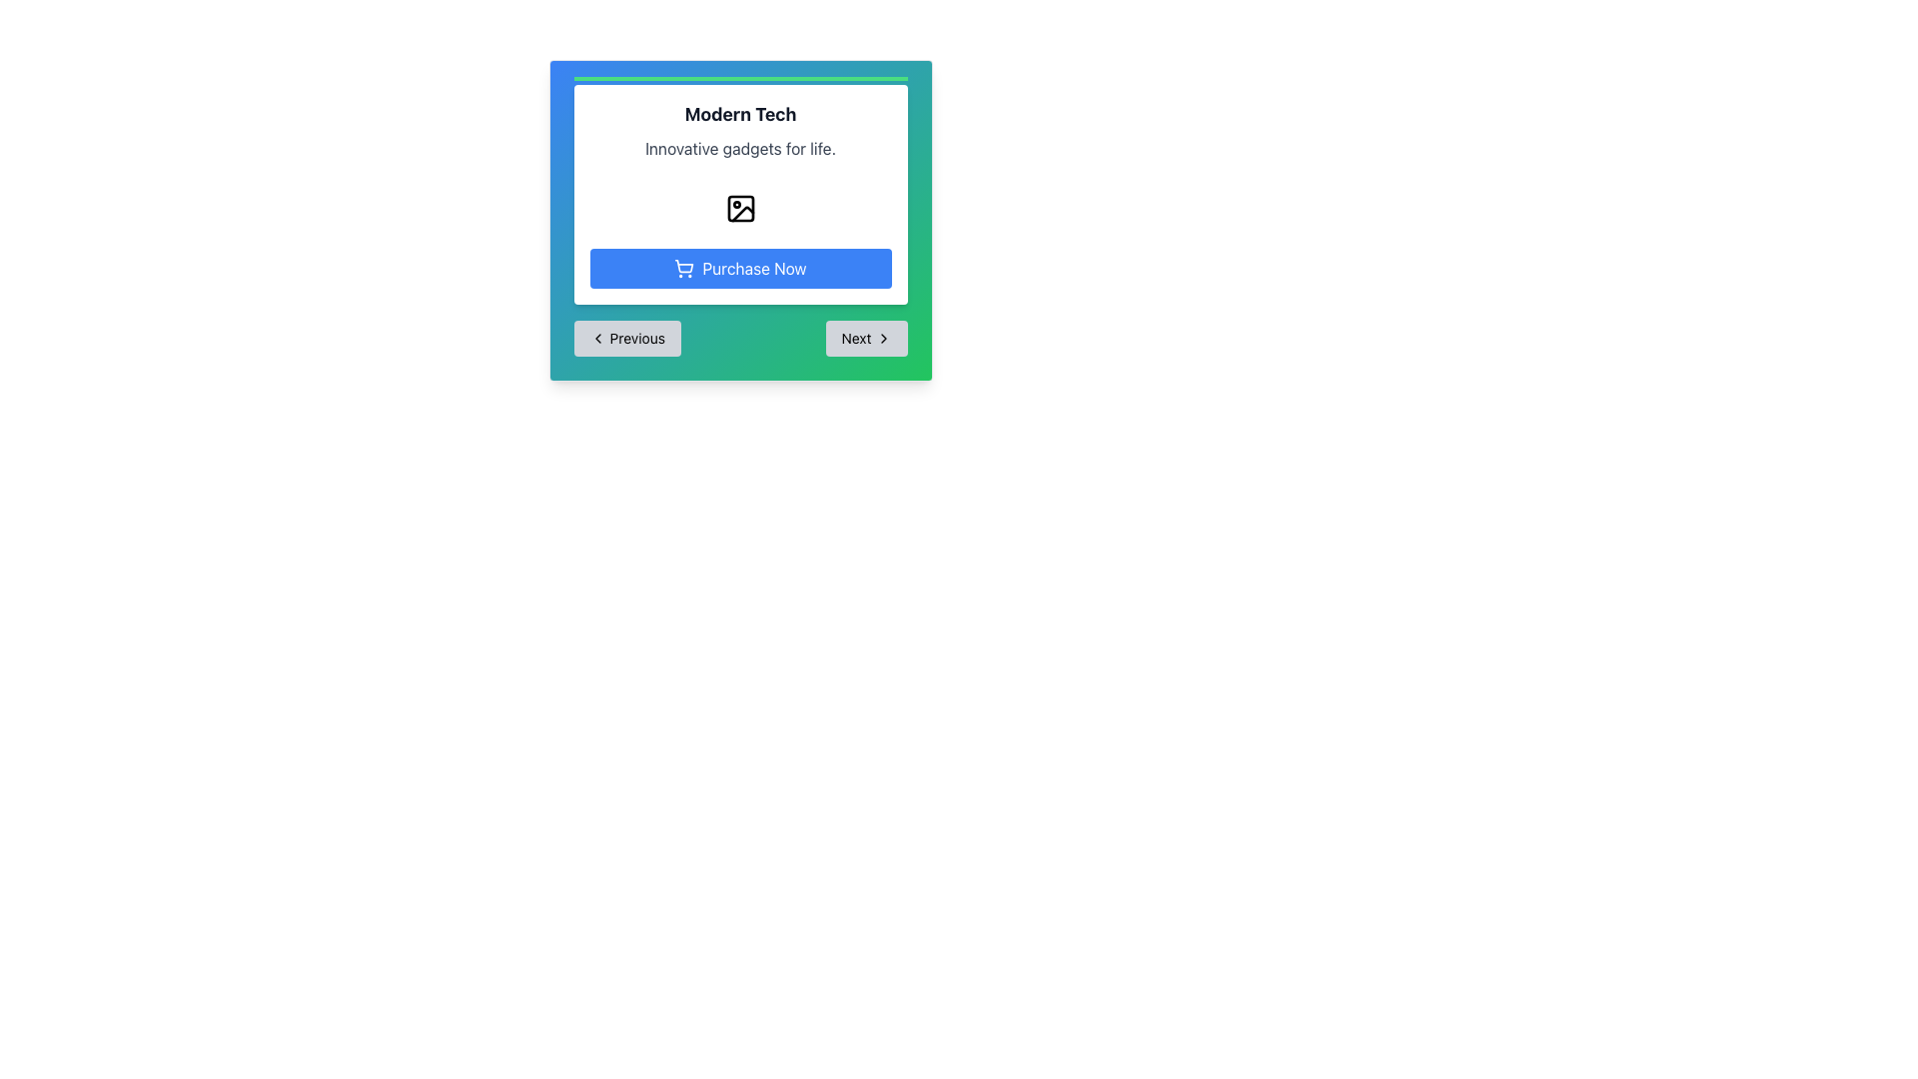 The height and width of the screenshot is (1079, 1918). What do you see at coordinates (882, 338) in the screenshot?
I see `the Right-facing chevron icon located within the 'Next' button, positioned to the right of the 'Next' text label` at bounding box center [882, 338].